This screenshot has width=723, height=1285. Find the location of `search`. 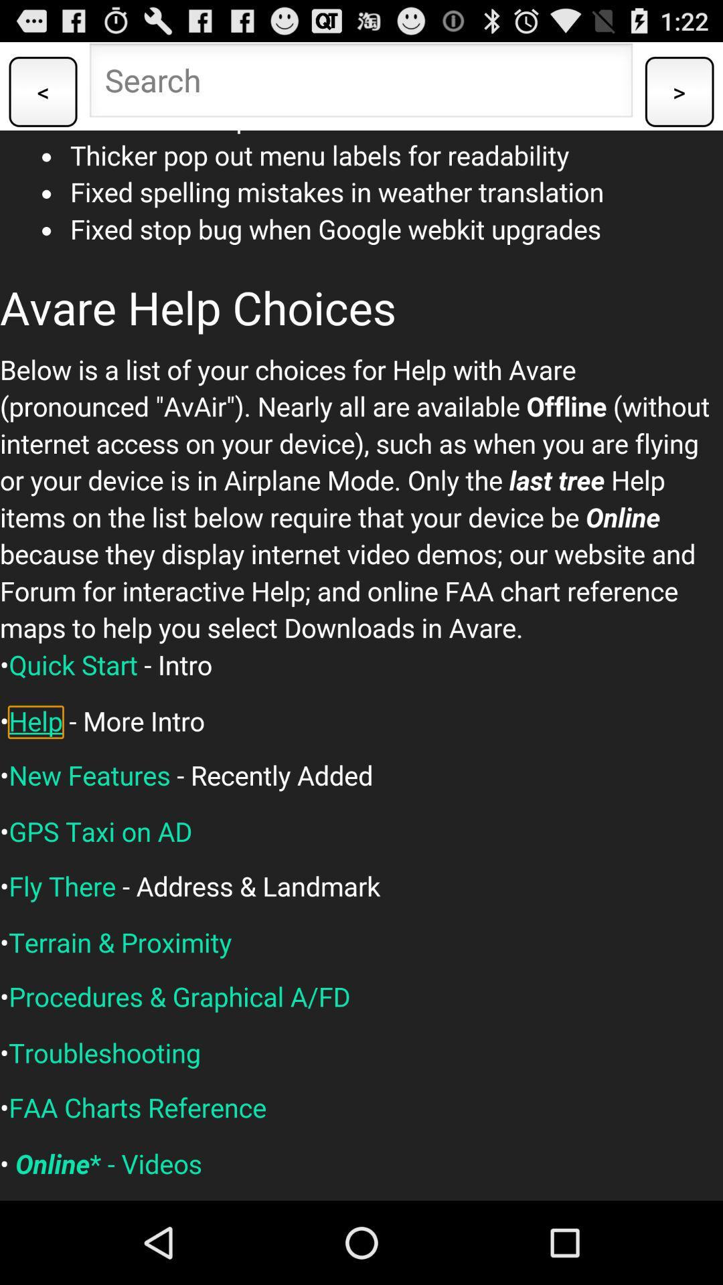

search is located at coordinates (360, 83).